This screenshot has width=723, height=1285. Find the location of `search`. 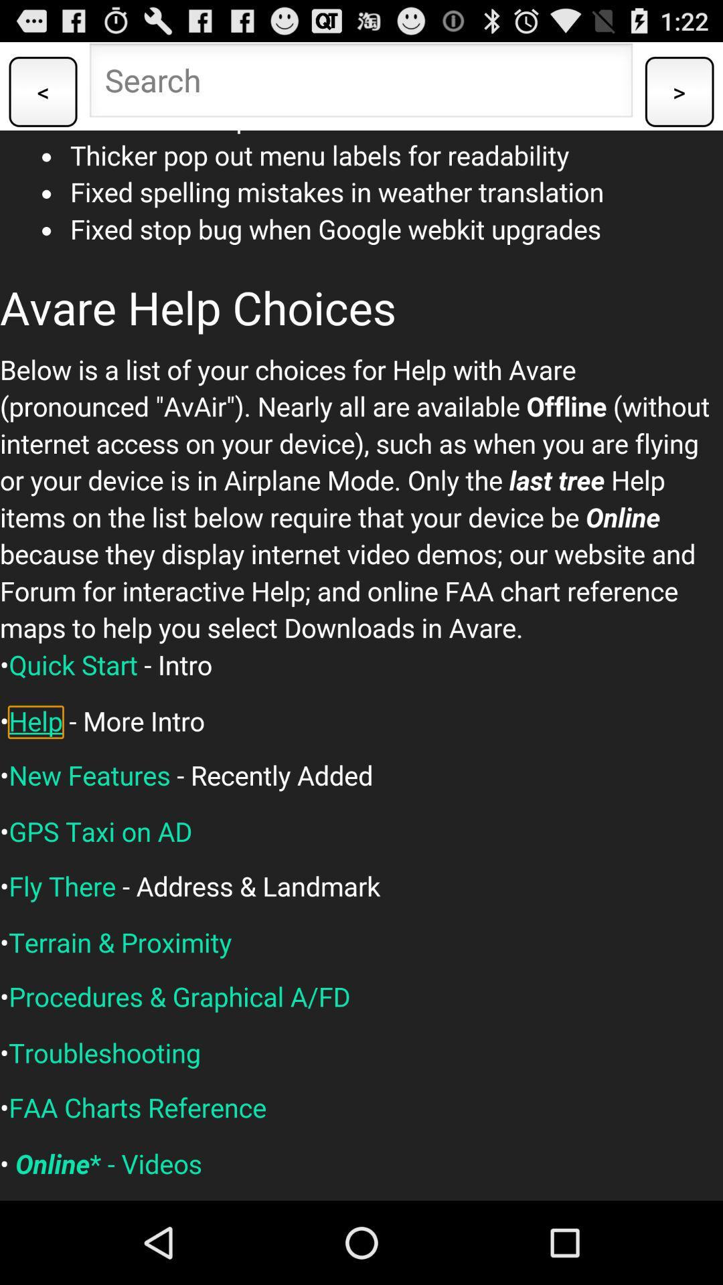

search is located at coordinates (360, 83).